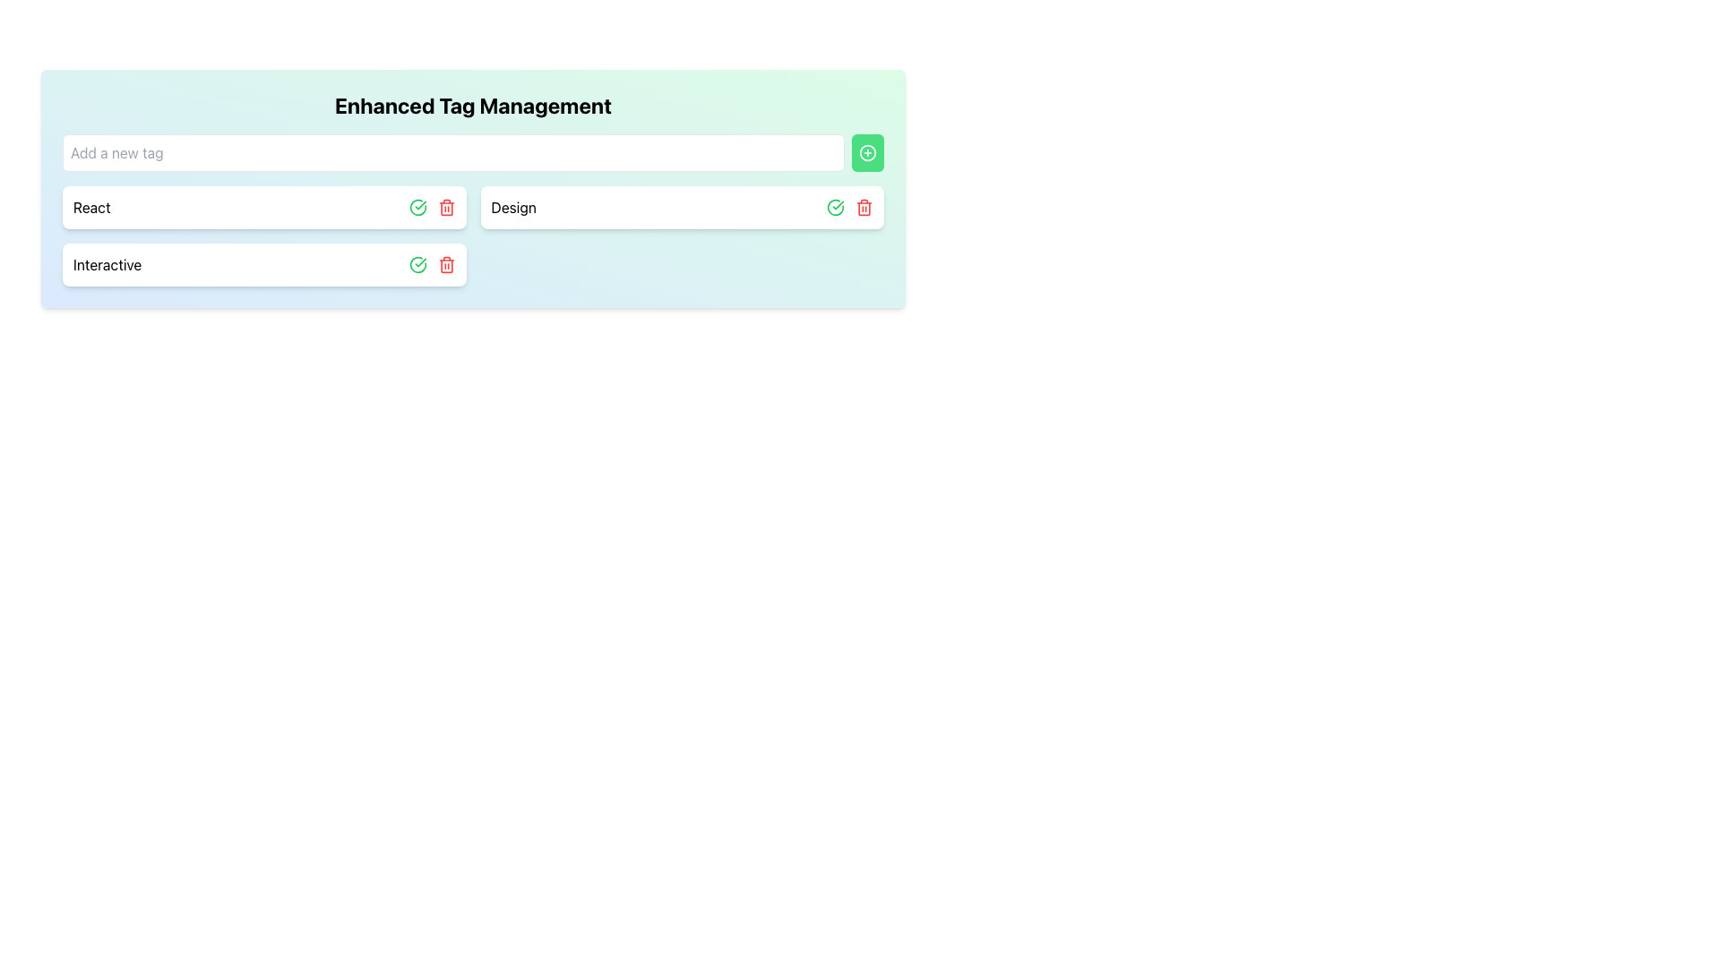 The height and width of the screenshot is (967, 1720). I want to click on the green checkmark icon located in the Interactive icon group next to the 'React' label to confirm or accept, so click(432, 206).